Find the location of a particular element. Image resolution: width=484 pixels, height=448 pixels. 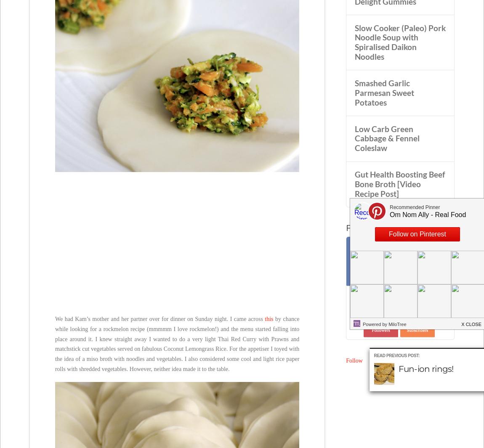

'13,779' is located at coordinates (380, 318).